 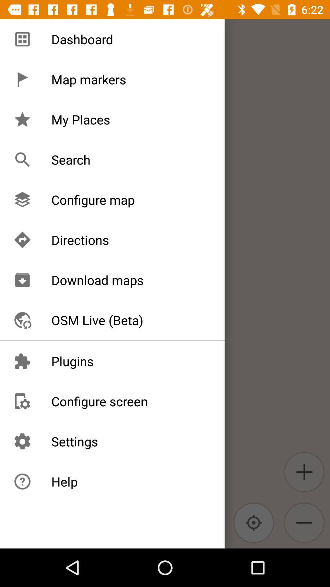 I want to click on the location_crosshair icon, so click(x=254, y=522).